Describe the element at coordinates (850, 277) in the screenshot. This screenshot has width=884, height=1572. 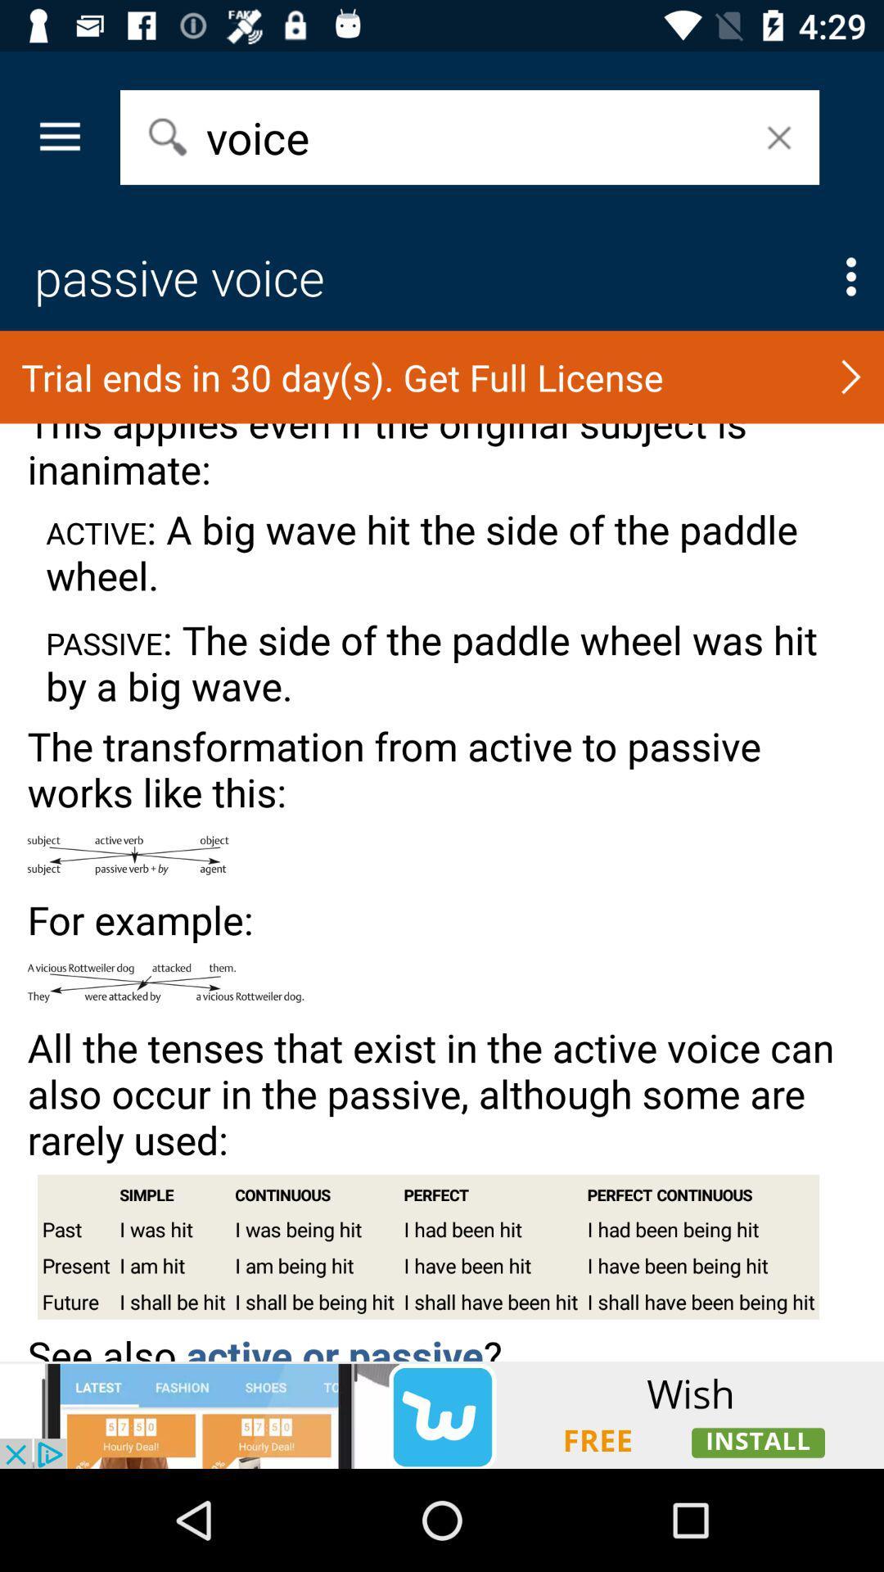
I see `settings` at that location.